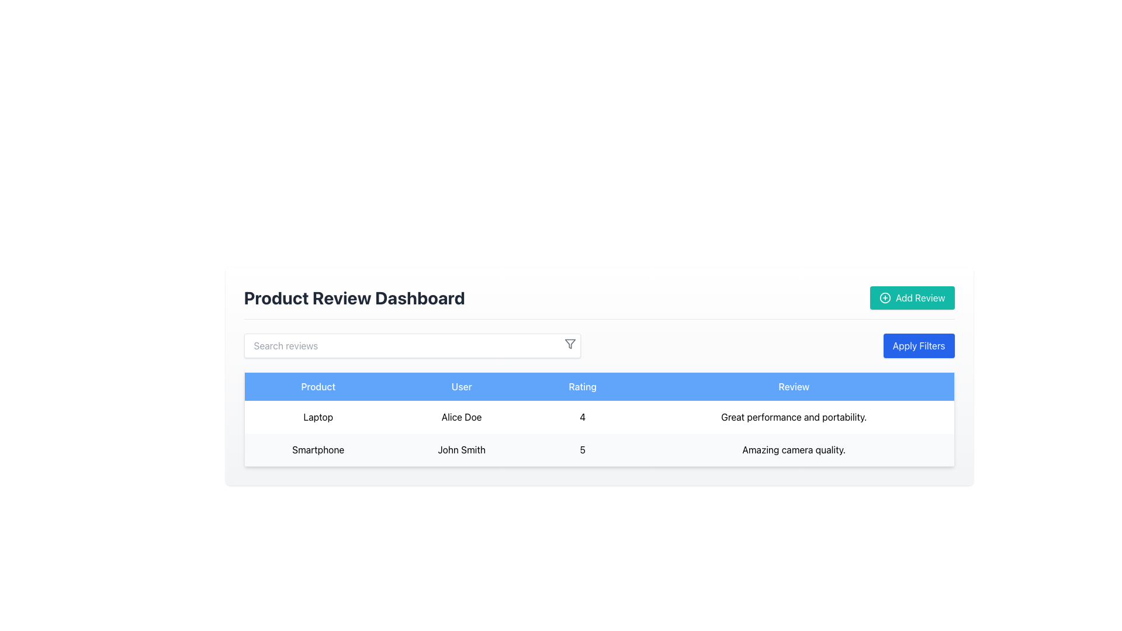 The height and width of the screenshot is (631, 1122). I want to click on the 'User' column header in the table, which is the second column header located between the 'Product' and 'Rating' columns, so click(461, 386).